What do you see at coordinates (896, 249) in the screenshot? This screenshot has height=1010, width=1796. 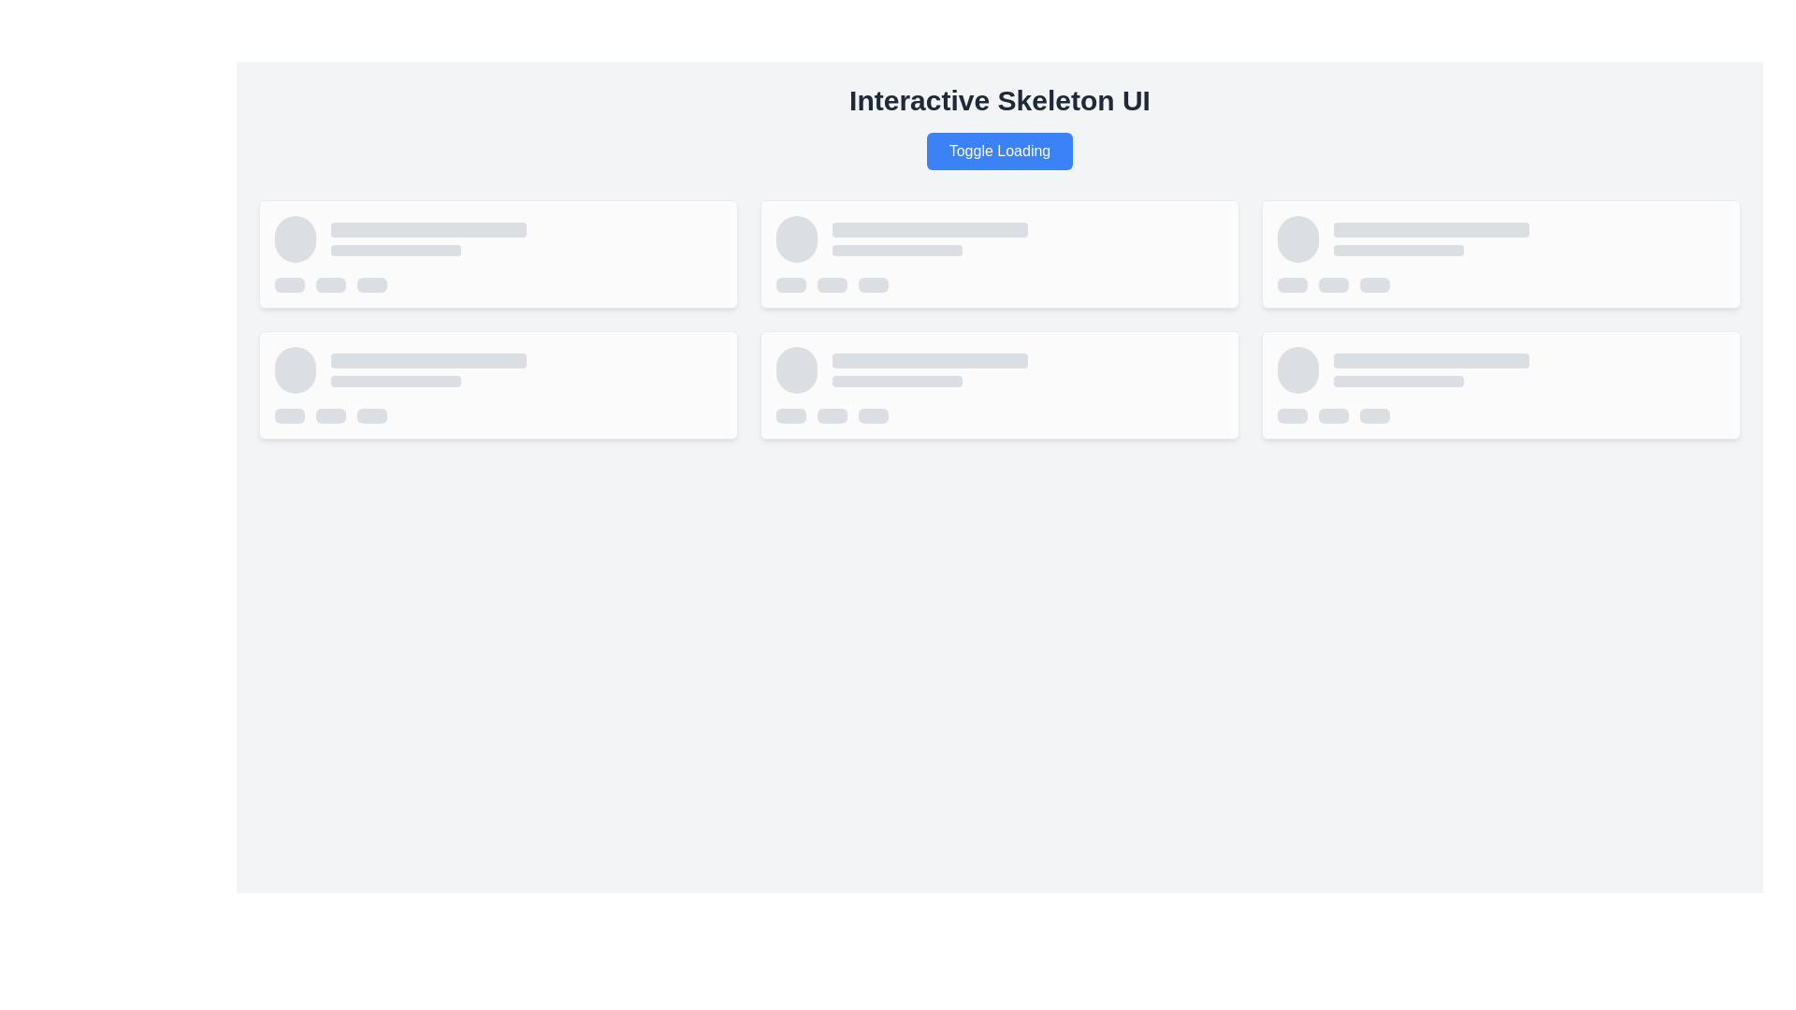 I see `the visual placeholder component, which is a short horizontal rectangle with rounded corners, light gray in color, positioned beneath a longer rectangle within a card layout` at bounding box center [896, 249].